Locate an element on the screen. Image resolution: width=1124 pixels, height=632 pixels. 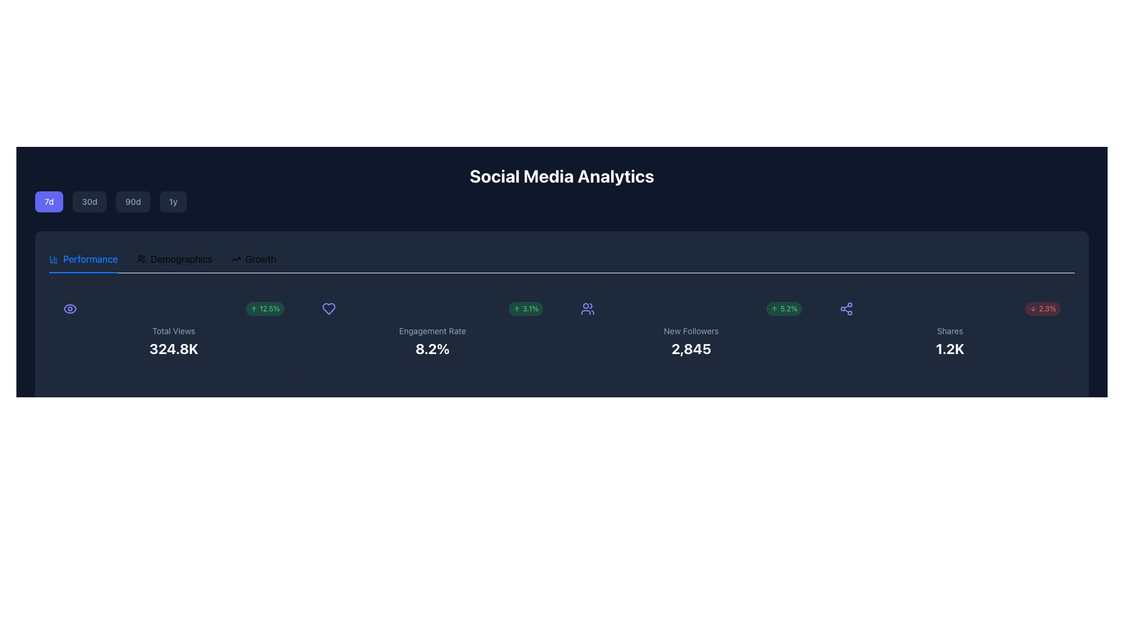
the 'Performance' tab, which is the first tab in the horizontal tab list, styled with a bold blue theme is located at coordinates (83, 259).